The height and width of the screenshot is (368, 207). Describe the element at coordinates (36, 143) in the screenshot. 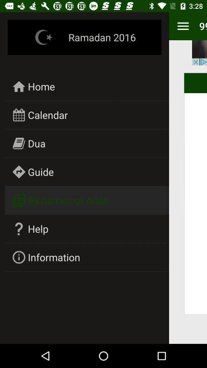

I see `the dua icon` at that location.